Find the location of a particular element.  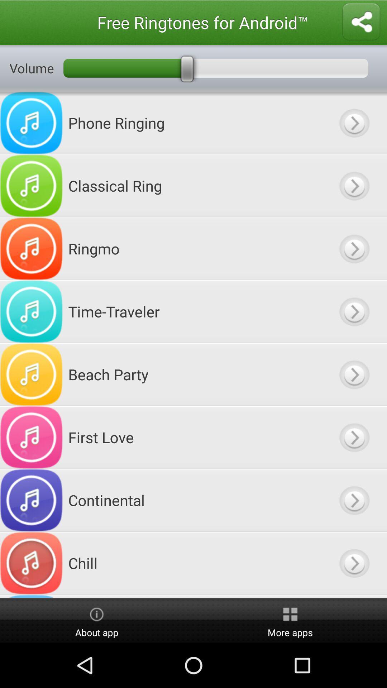

play is located at coordinates (354, 563).